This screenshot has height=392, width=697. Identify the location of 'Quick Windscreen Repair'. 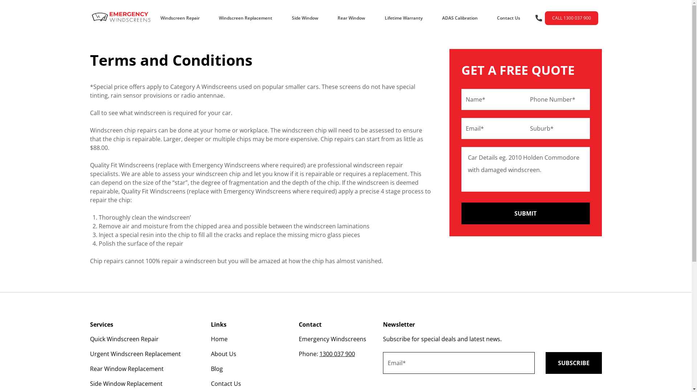
(124, 339).